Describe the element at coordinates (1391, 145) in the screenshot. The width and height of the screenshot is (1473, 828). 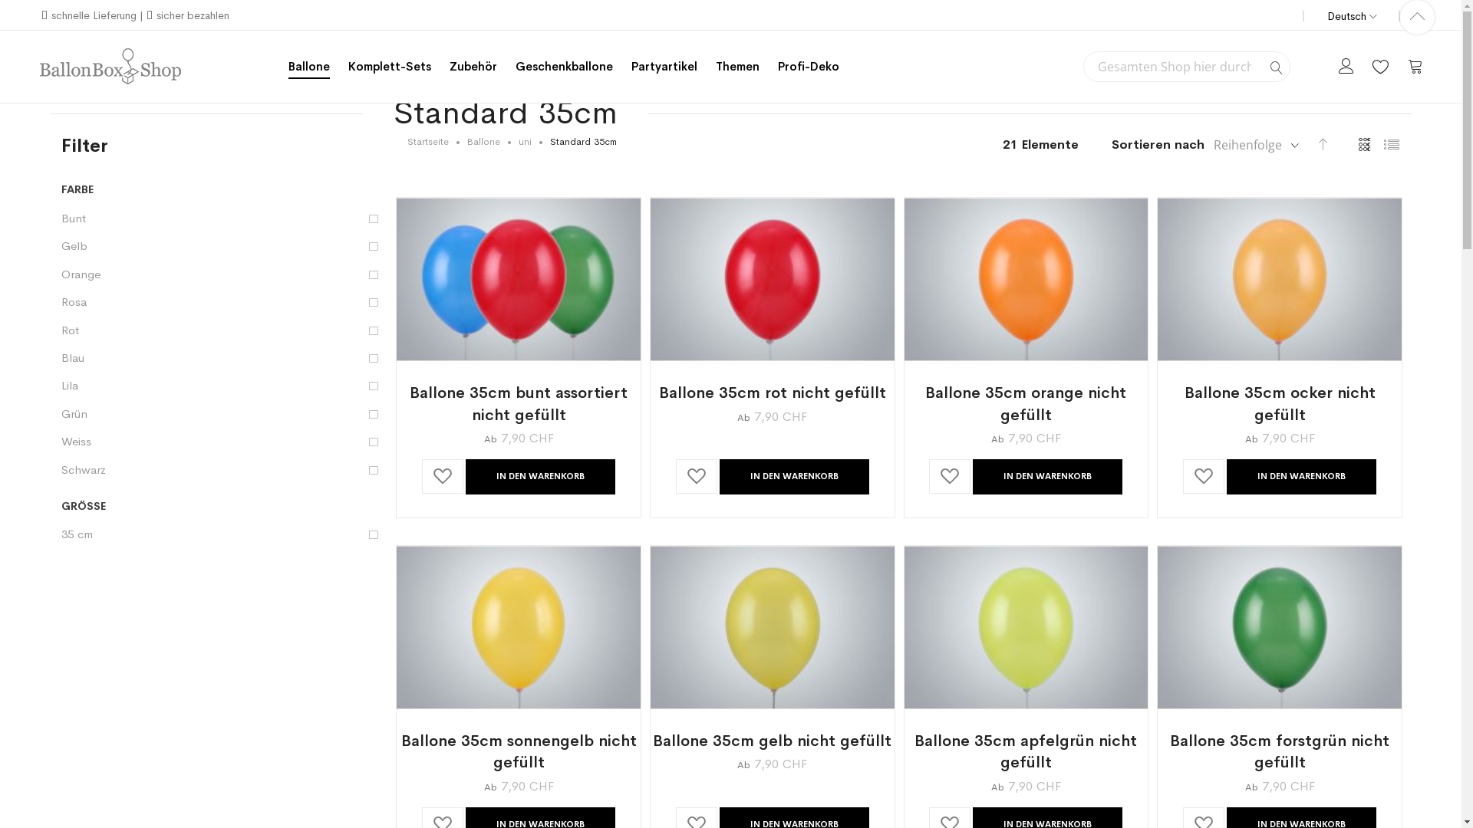
I see `'Liste'` at that location.